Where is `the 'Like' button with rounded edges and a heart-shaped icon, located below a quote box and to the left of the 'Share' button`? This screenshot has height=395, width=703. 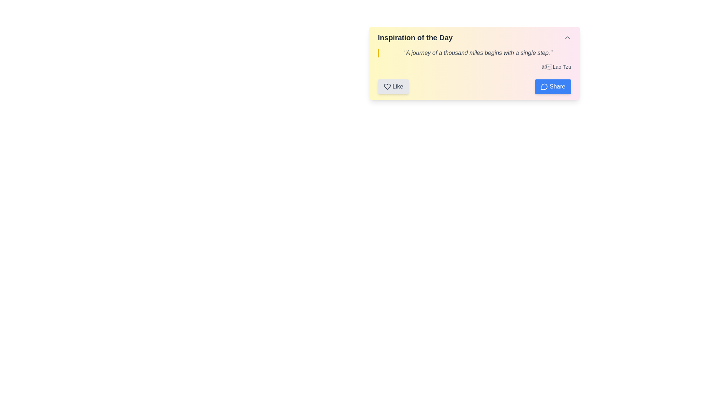
the 'Like' button with rounded edges and a heart-shaped icon, located below a quote box and to the left of the 'Share' button is located at coordinates (393, 86).